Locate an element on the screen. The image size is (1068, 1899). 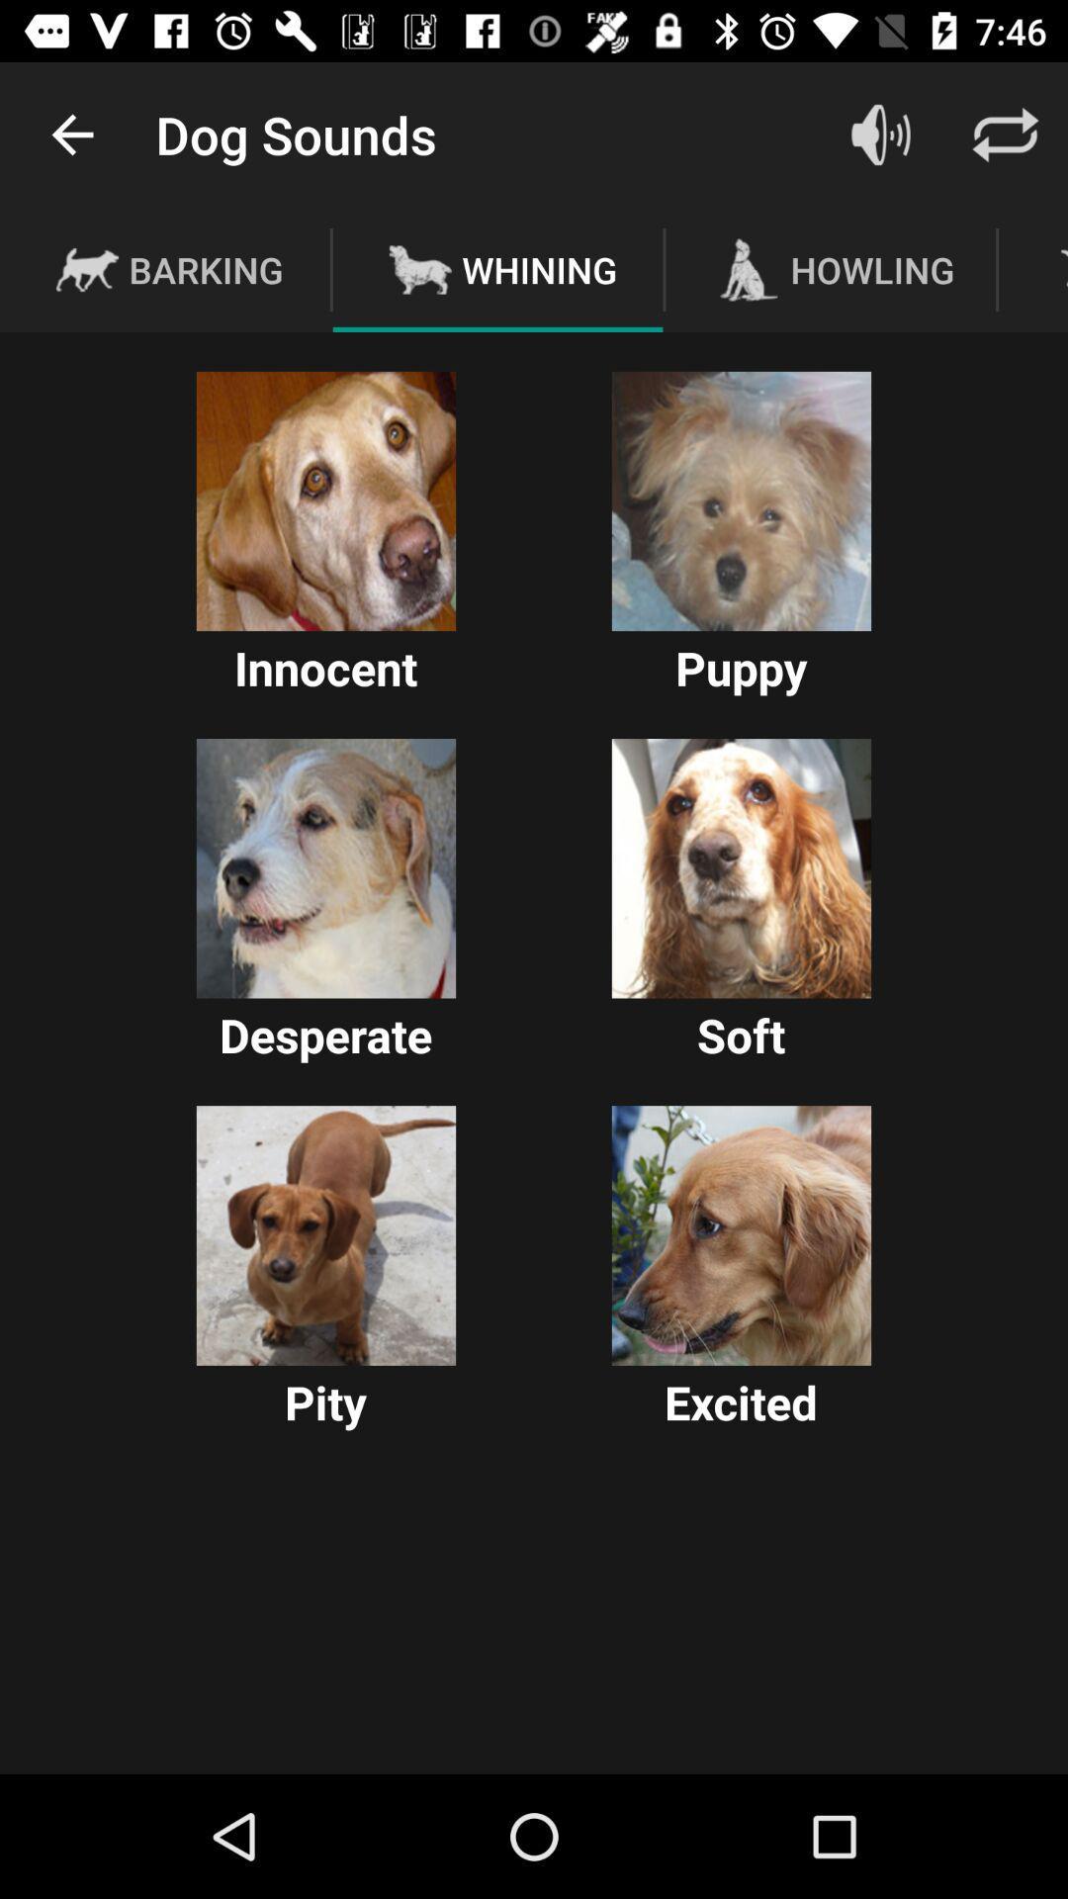
the icon above the howling is located at coordinates (1006, 134).